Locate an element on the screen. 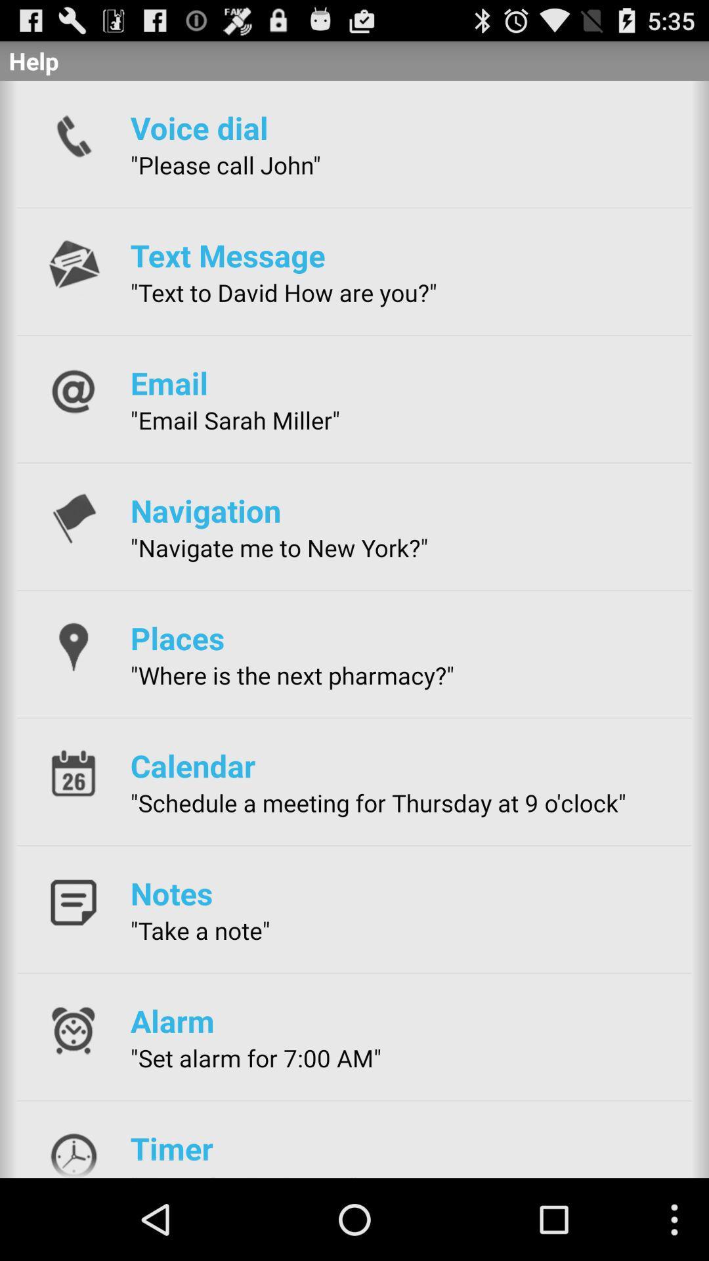  icon above the navigate me to app is located at coordinates (205, 510).